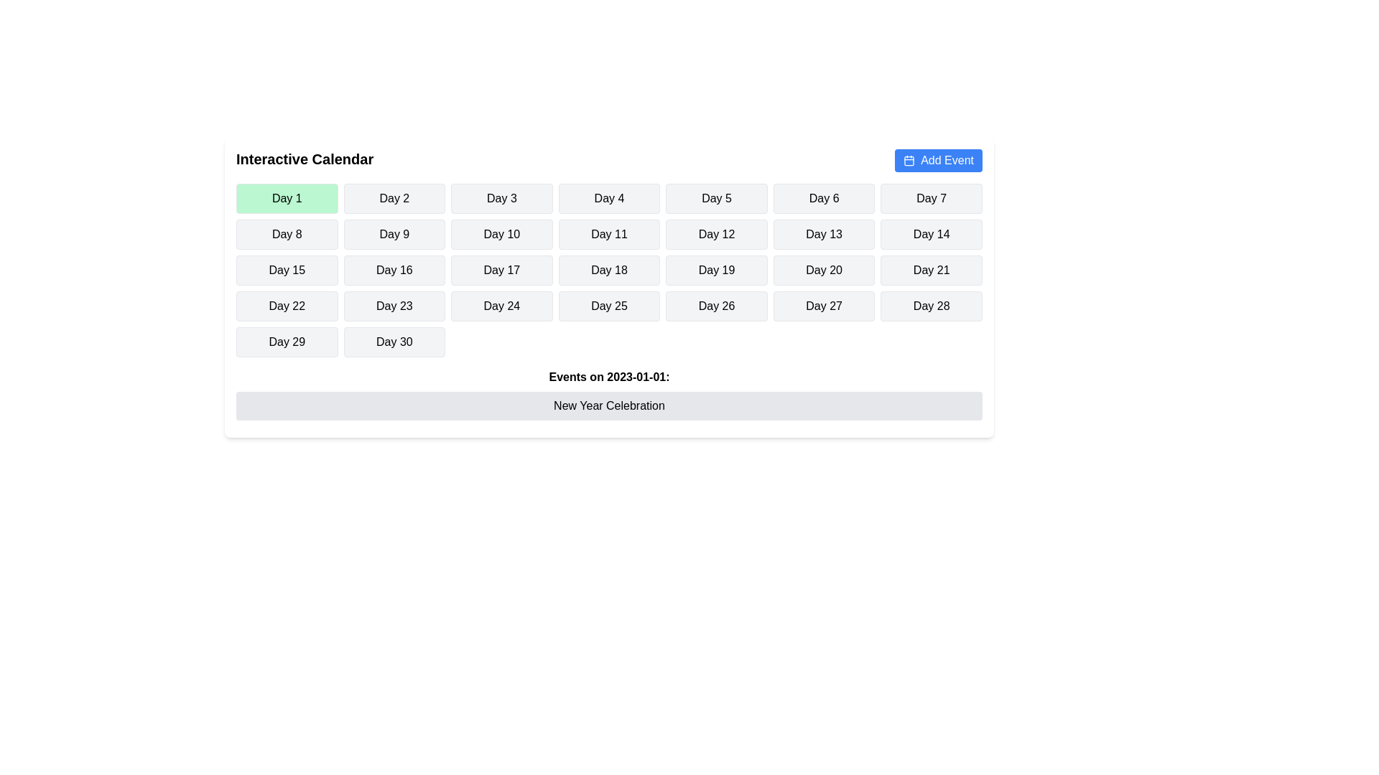 Image resolution: width=1379 pixels, height=775 pixels. What do you see at coordinates (394, 342) in the screenshot?
I see `the selectable button for 'Day 30' in the interactive calendar` at bounding box center [394, 342].